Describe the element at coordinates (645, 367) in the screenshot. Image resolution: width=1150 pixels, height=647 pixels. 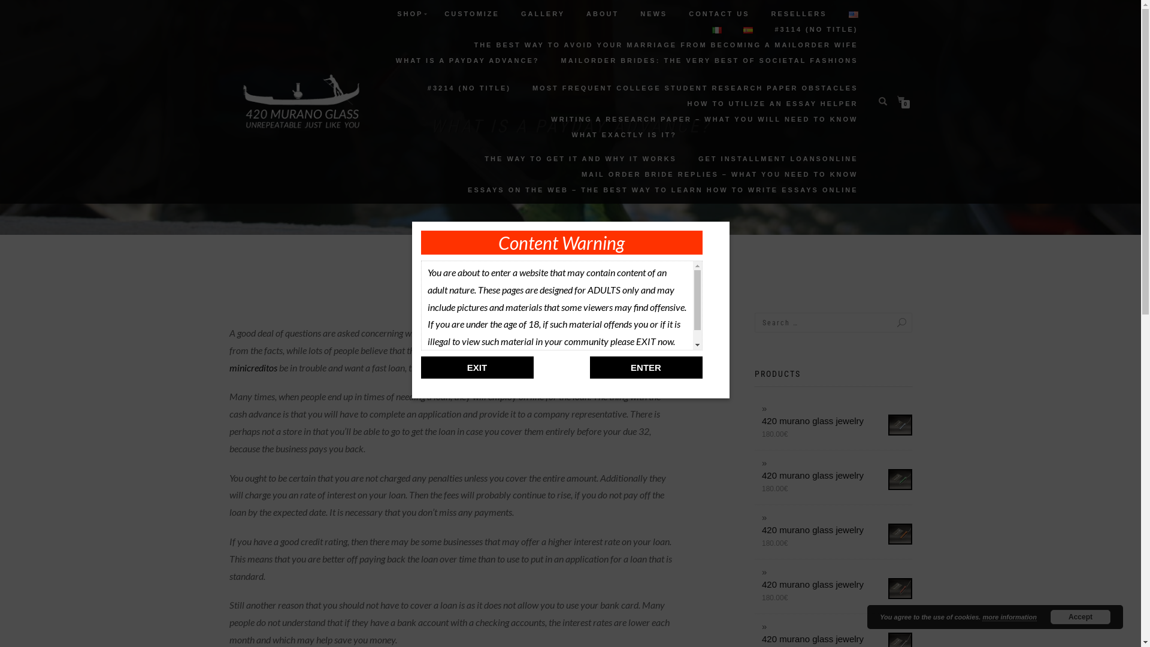
I see `'ENTER'` at that location.